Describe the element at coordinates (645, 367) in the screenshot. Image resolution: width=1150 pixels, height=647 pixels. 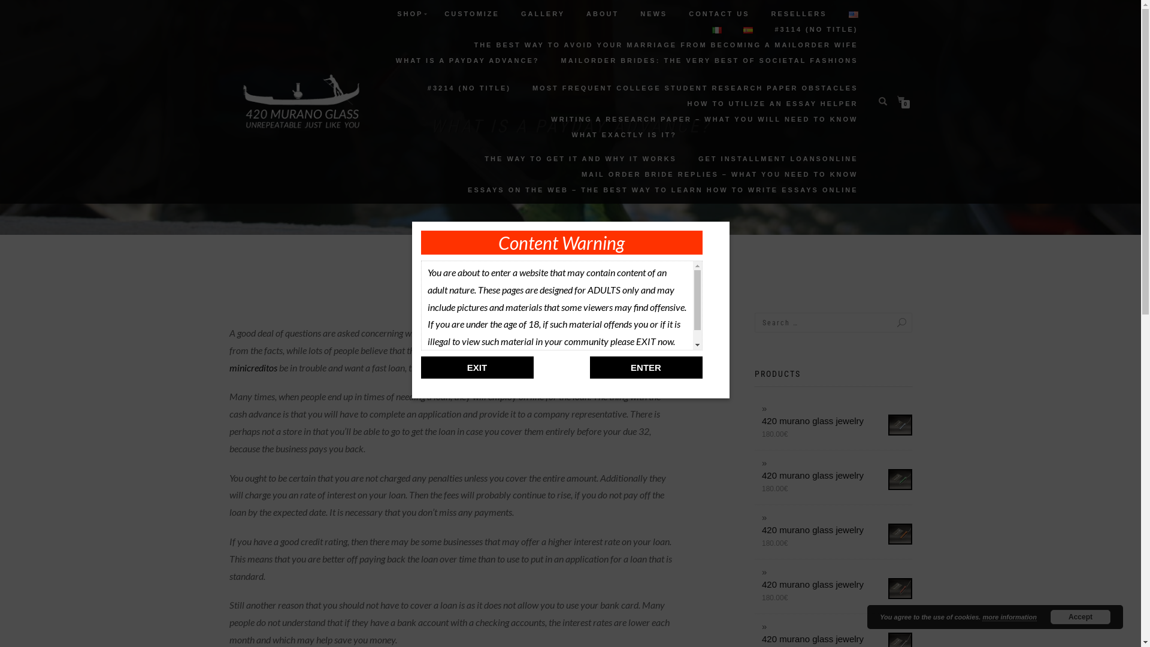
I see `'ENTER'` at that location.